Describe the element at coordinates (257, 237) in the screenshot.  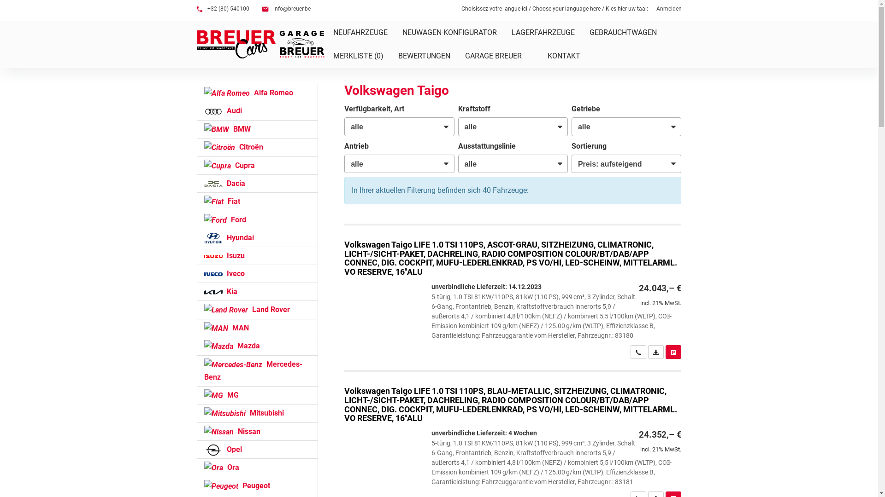
I see `'Hyundai'` at that location.